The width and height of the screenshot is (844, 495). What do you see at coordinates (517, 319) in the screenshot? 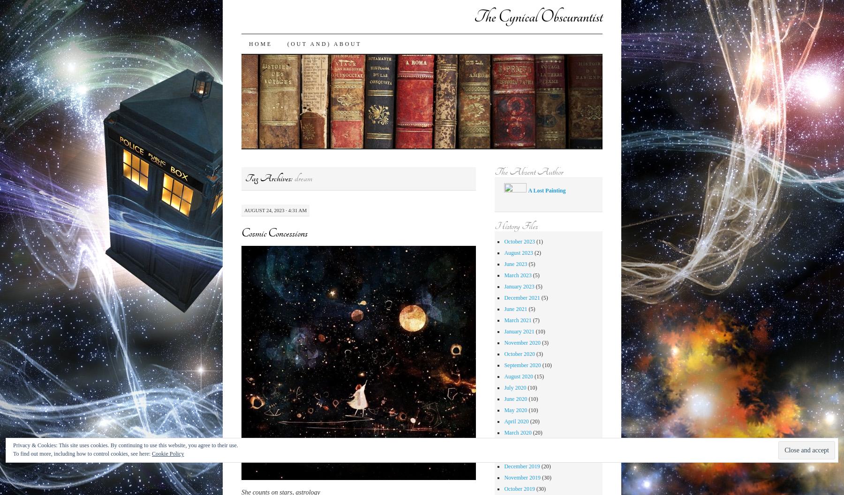
I see `'March 2021'` at bounding box center [517, 319].